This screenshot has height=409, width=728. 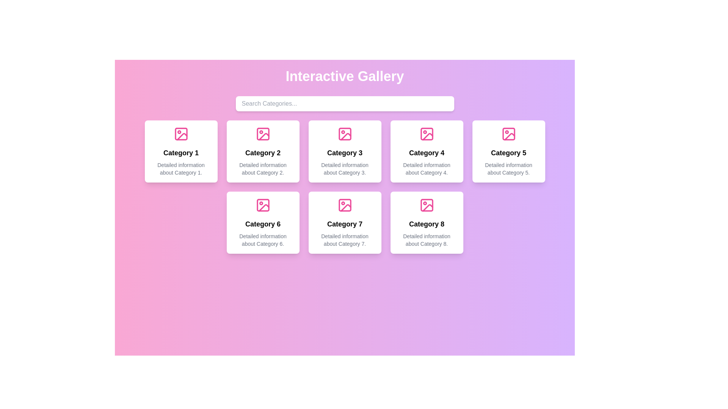 I want to click on the decorative graphical rectangle located centrally within the image icon of 'Category 8', so click(x=427, y=205).